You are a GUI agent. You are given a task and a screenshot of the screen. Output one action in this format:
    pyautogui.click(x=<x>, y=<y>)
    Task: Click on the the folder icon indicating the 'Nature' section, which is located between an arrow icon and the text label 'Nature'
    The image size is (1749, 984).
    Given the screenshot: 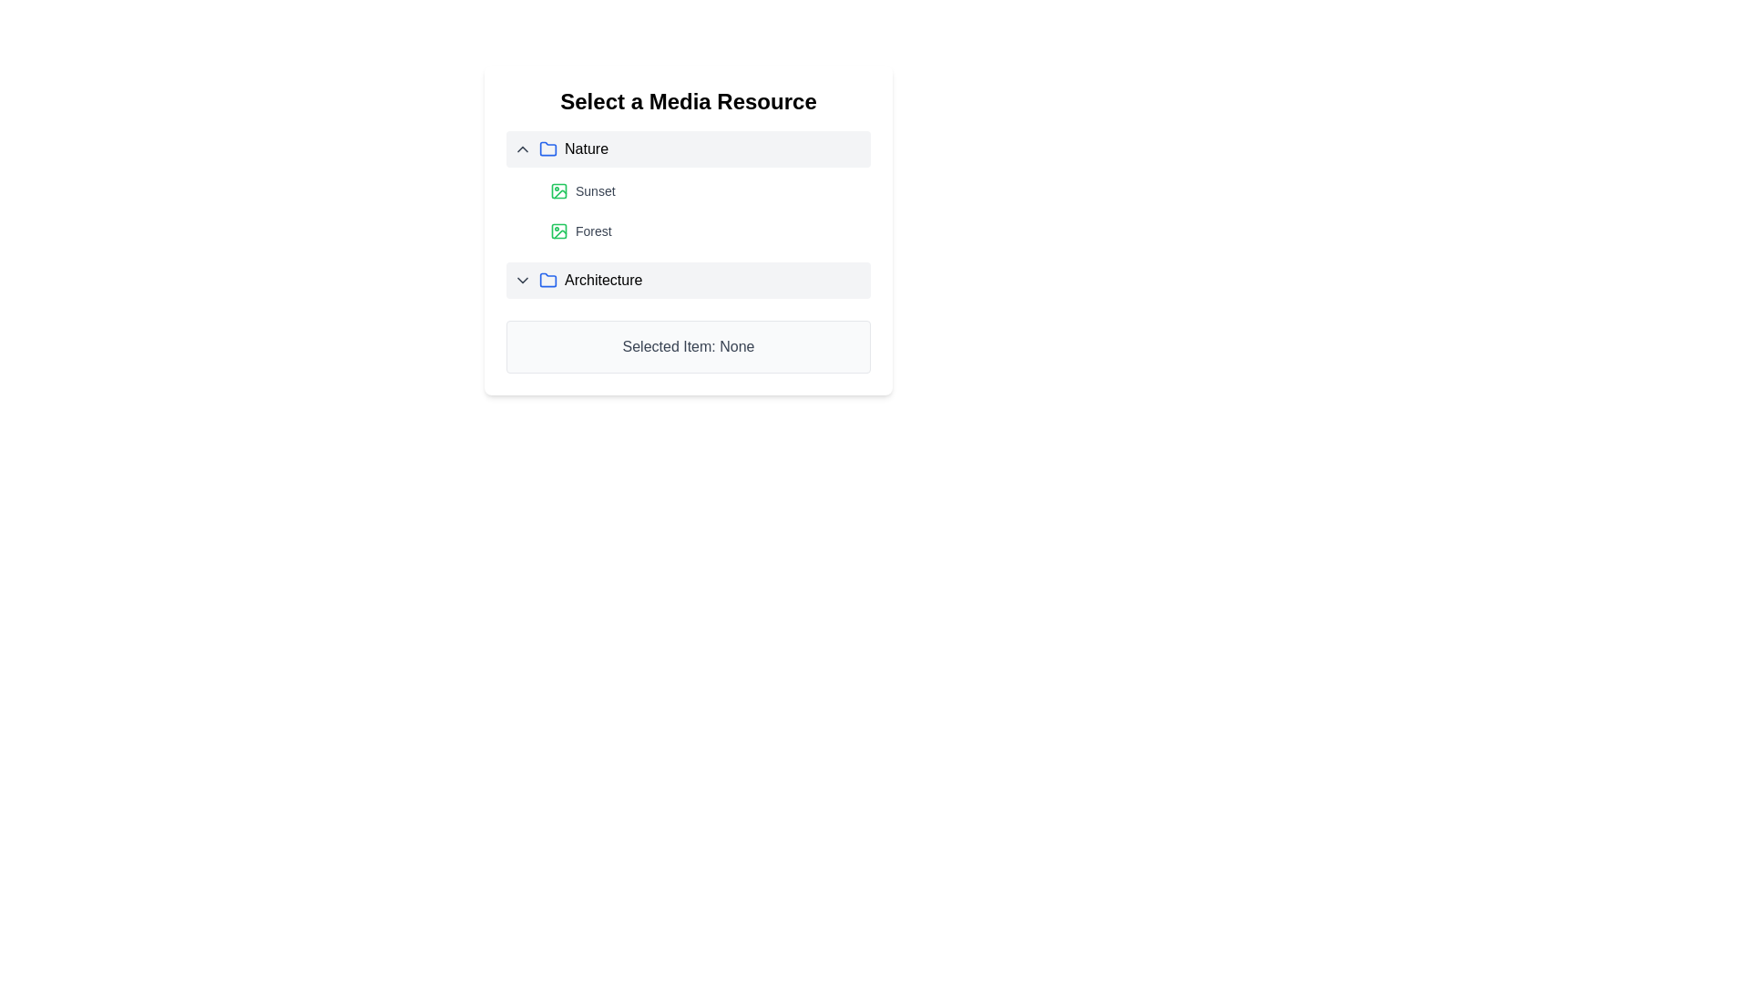 What is the action you would take?
    pyautogui.click(x=547, y=149)
    